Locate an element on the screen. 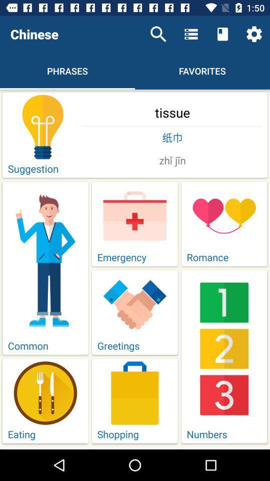 This screenshot has width=270, height=481. the item above the favorites is located at coordinates (222, 34).